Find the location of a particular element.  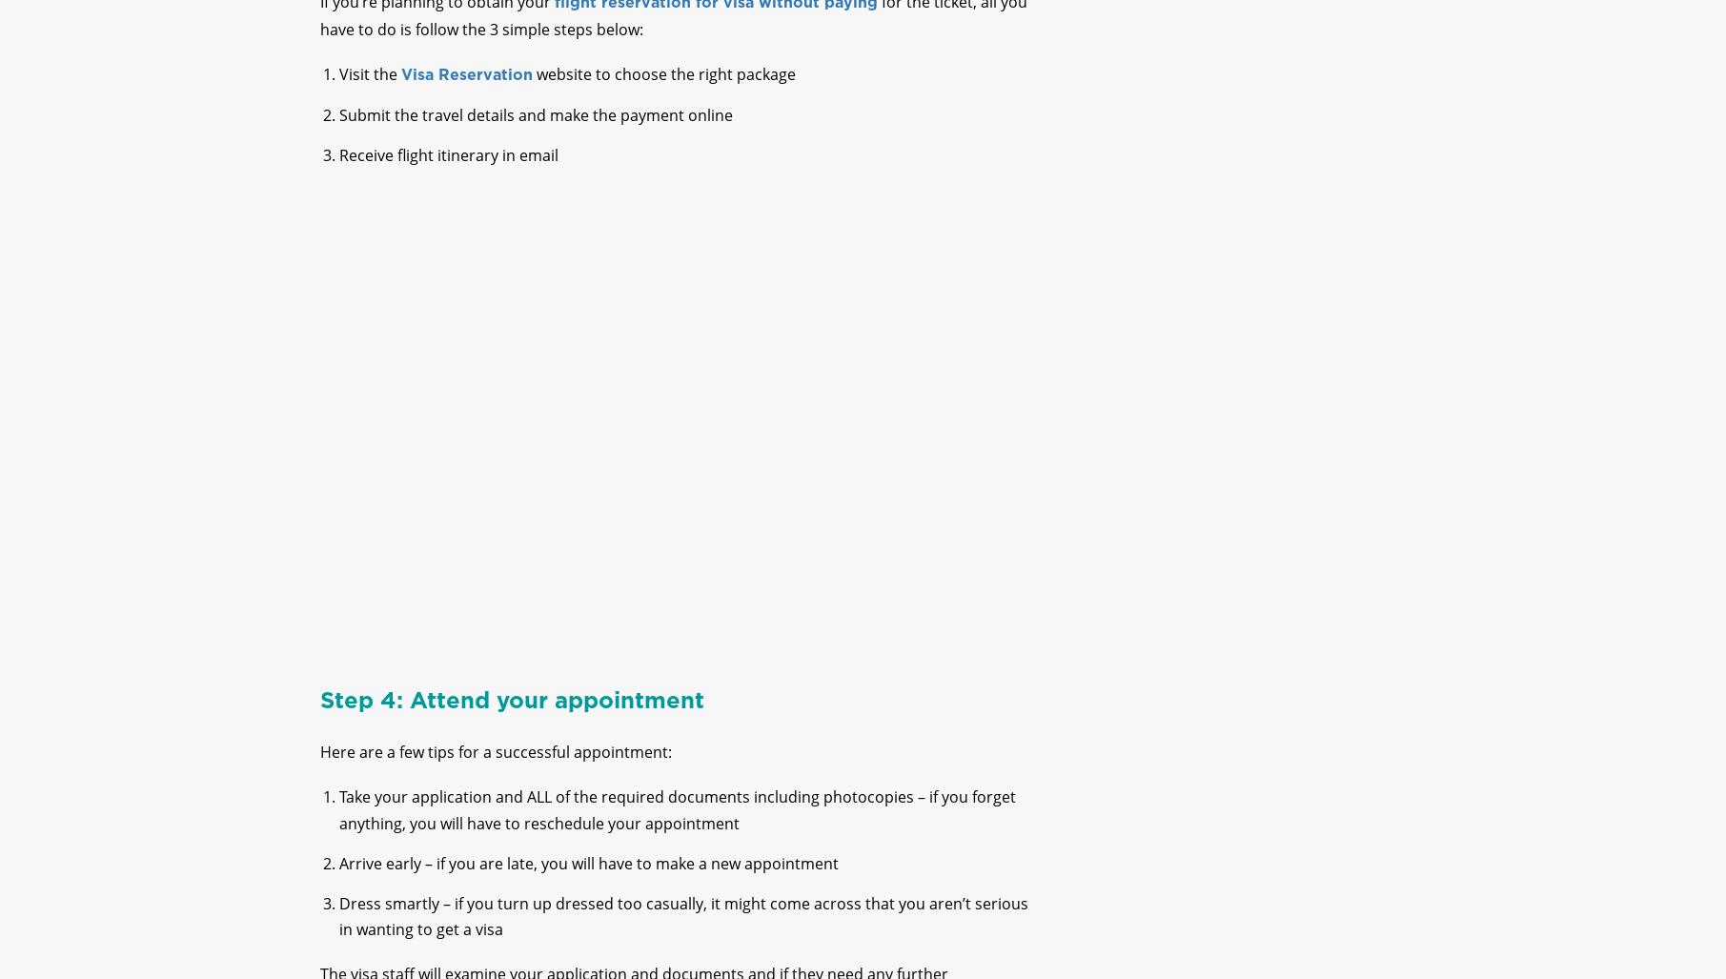

'Step 4: Attend your appointment' is located at coordinates (510, 716).